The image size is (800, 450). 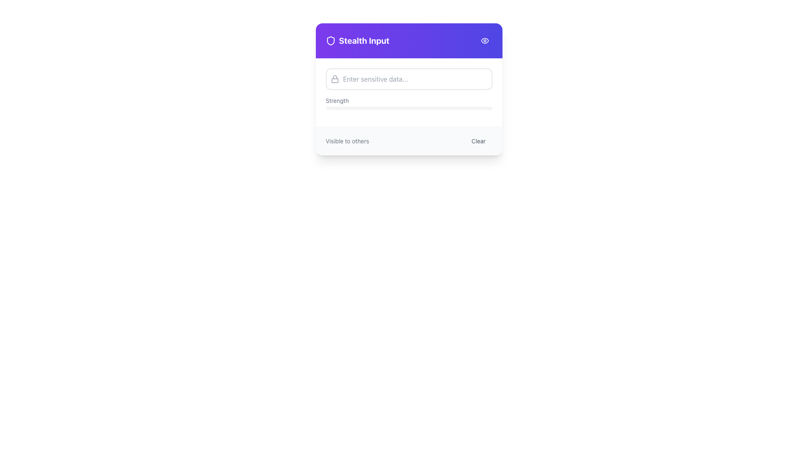 What do you see at coordinates (332, 79) in the screenshot?
I see `the small gray lock icon located to the left of the input field with placeholder text 'Enter sensitive data...'` at bounding box center [332, 79].